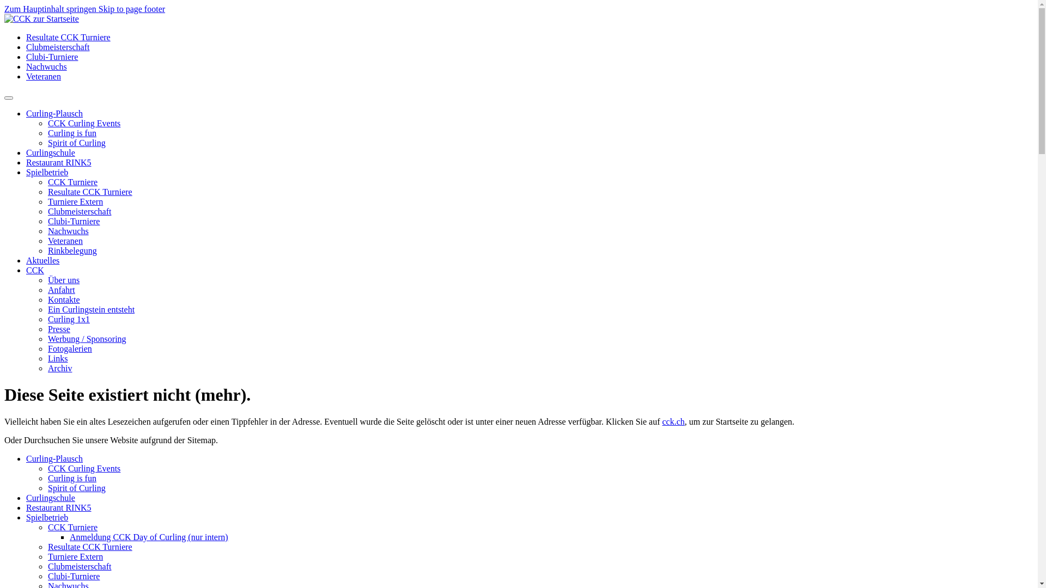  What do you see at coordinates (46, 517) in the screenshot?
I see `'Spielbetrieb'` at bounding box center [46, 517].